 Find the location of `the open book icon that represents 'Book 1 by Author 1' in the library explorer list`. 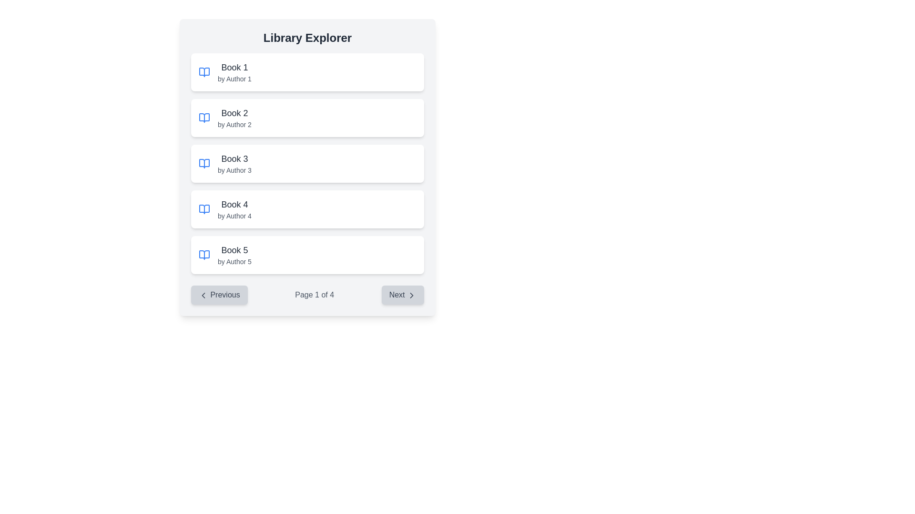

the open book icon that represents 'Book 1 by Author 1' in the library explorer list is located at coordinates (203, 71).